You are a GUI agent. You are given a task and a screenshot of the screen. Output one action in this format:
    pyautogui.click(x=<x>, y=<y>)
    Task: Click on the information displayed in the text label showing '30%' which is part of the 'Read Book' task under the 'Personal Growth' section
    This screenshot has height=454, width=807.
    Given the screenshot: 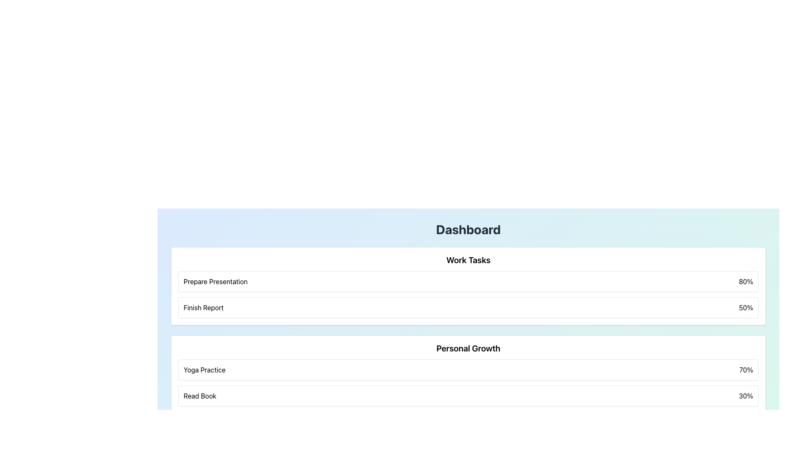 What is the action you would take?
    pyautogui.click(x=746, y=396)
    